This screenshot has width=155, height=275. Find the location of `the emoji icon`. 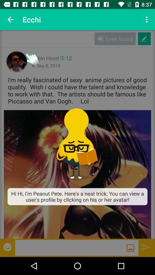

the emoji icon is located at coordinates (8, 247).